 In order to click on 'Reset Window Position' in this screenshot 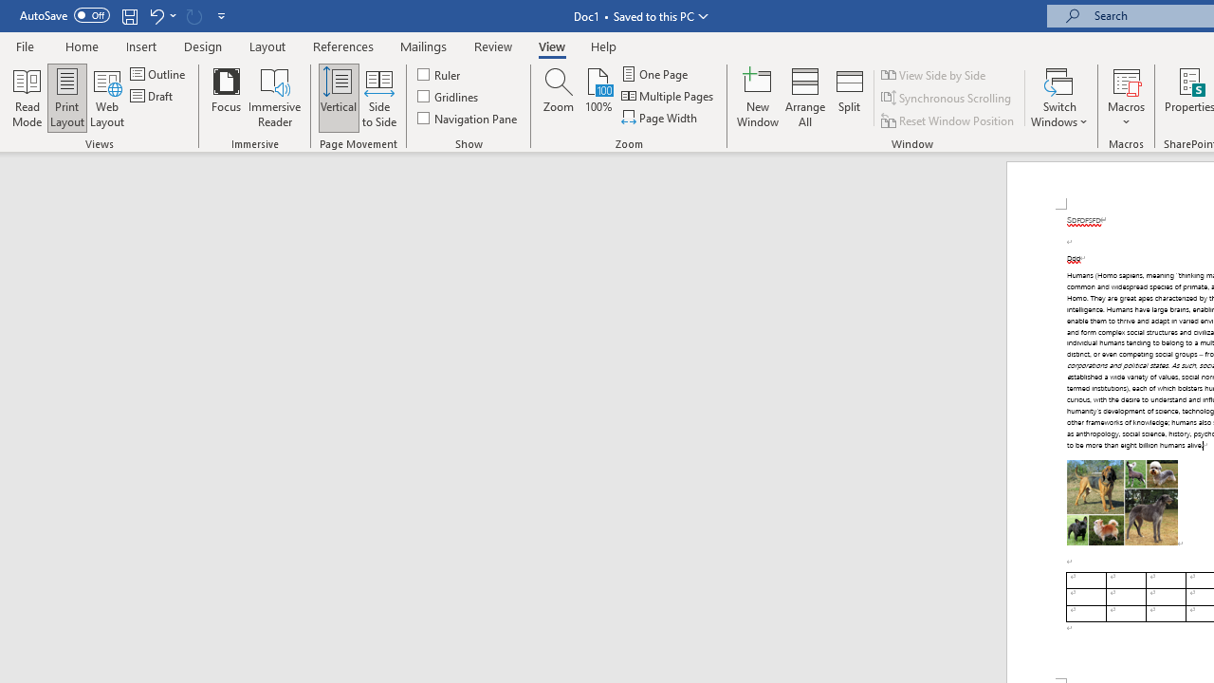, I will do `click(948, 120)`.